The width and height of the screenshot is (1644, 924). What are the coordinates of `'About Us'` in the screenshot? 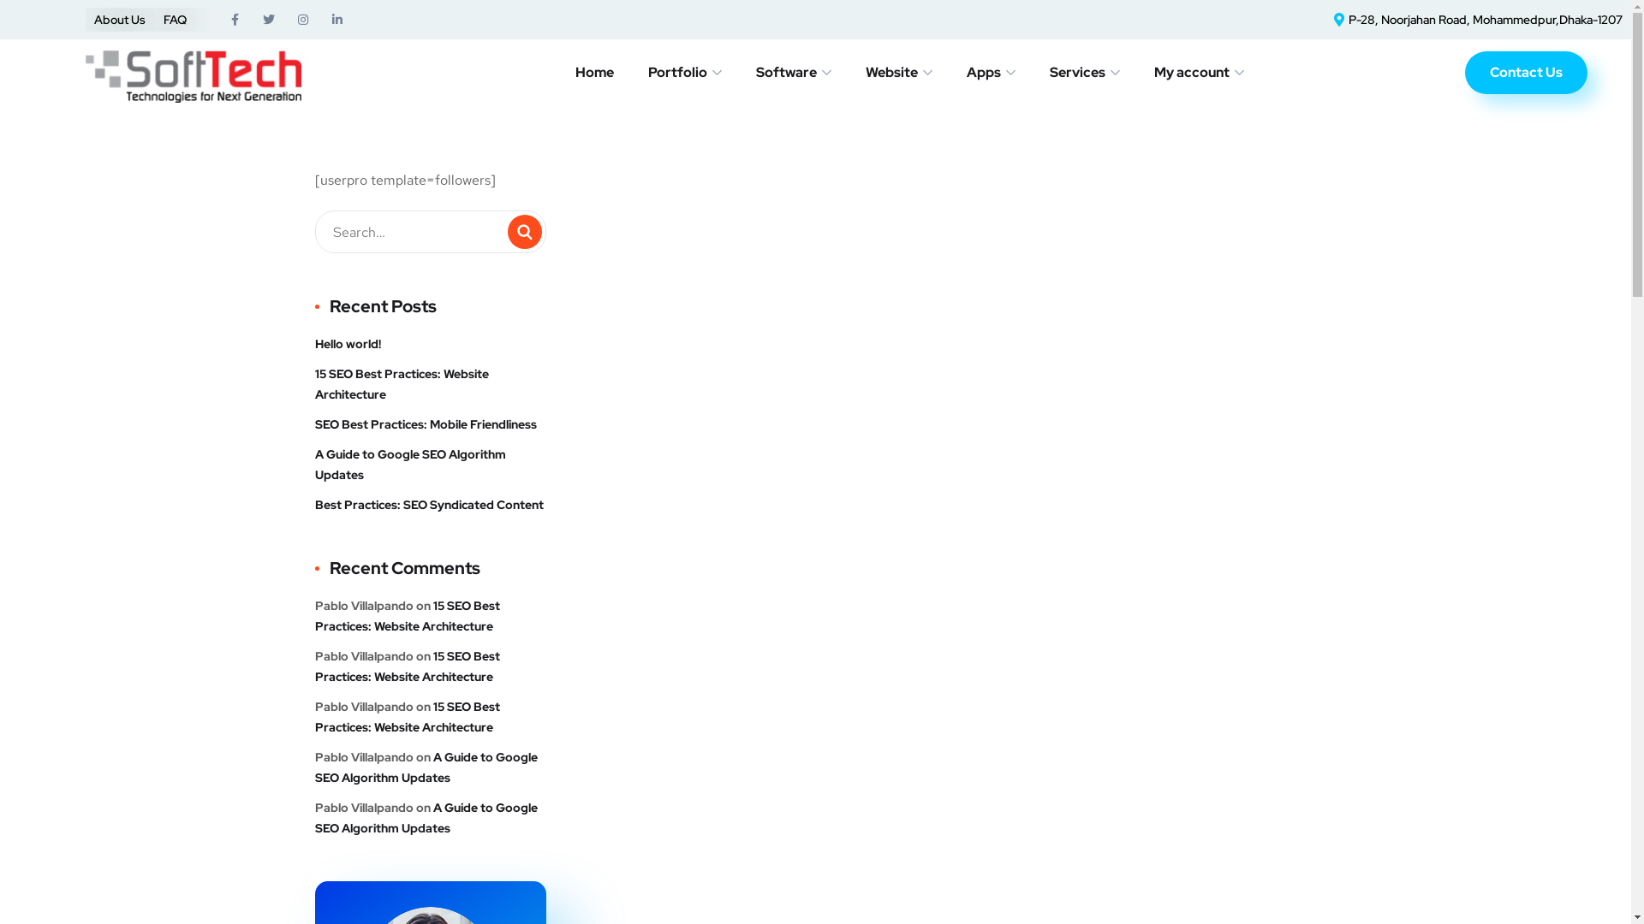 It's located at (93, 20).